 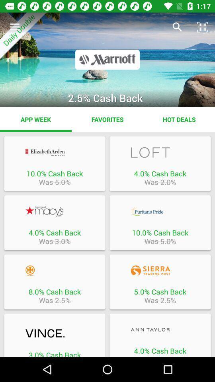 I want to click on website, so click(x=54, y=152).